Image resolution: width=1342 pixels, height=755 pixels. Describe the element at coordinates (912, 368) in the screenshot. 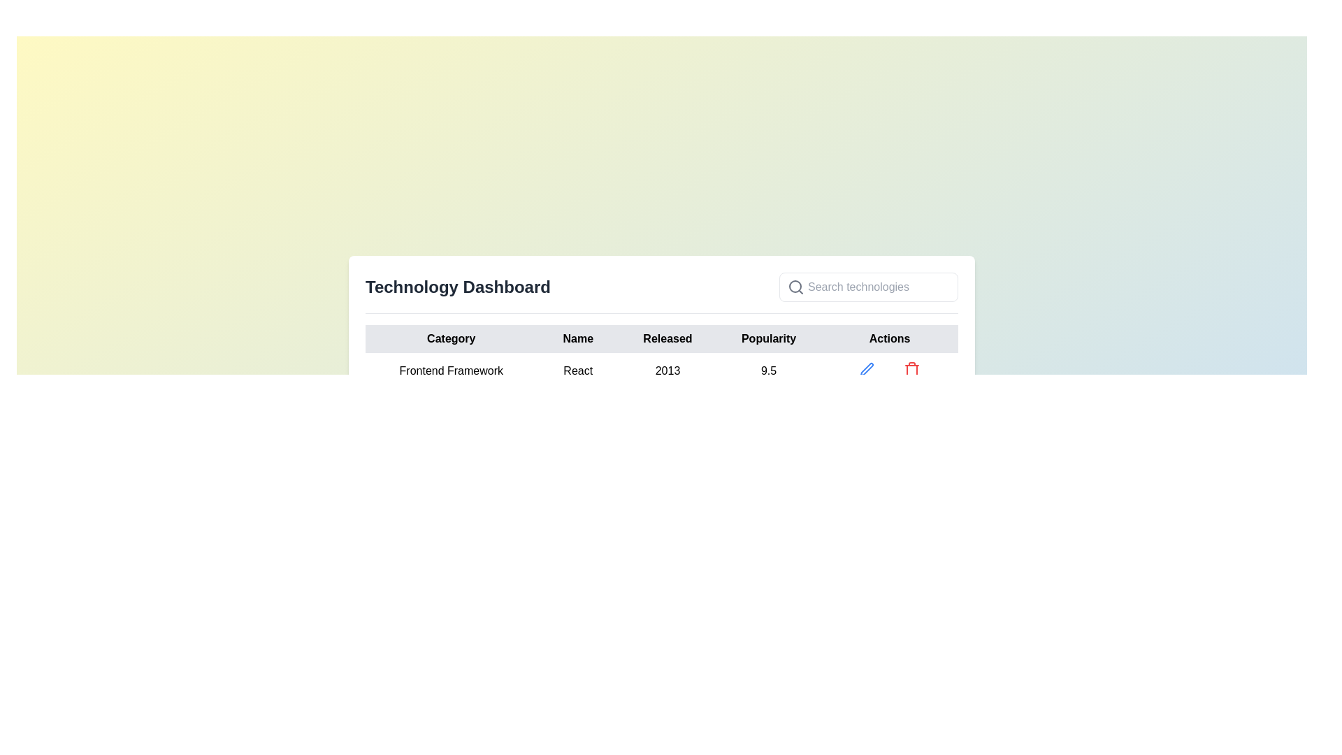

I see `the delete button located in the 'Actions' column of the row for the technology 'React', which is the second icon following the blue 'Edit' icon` at that location.